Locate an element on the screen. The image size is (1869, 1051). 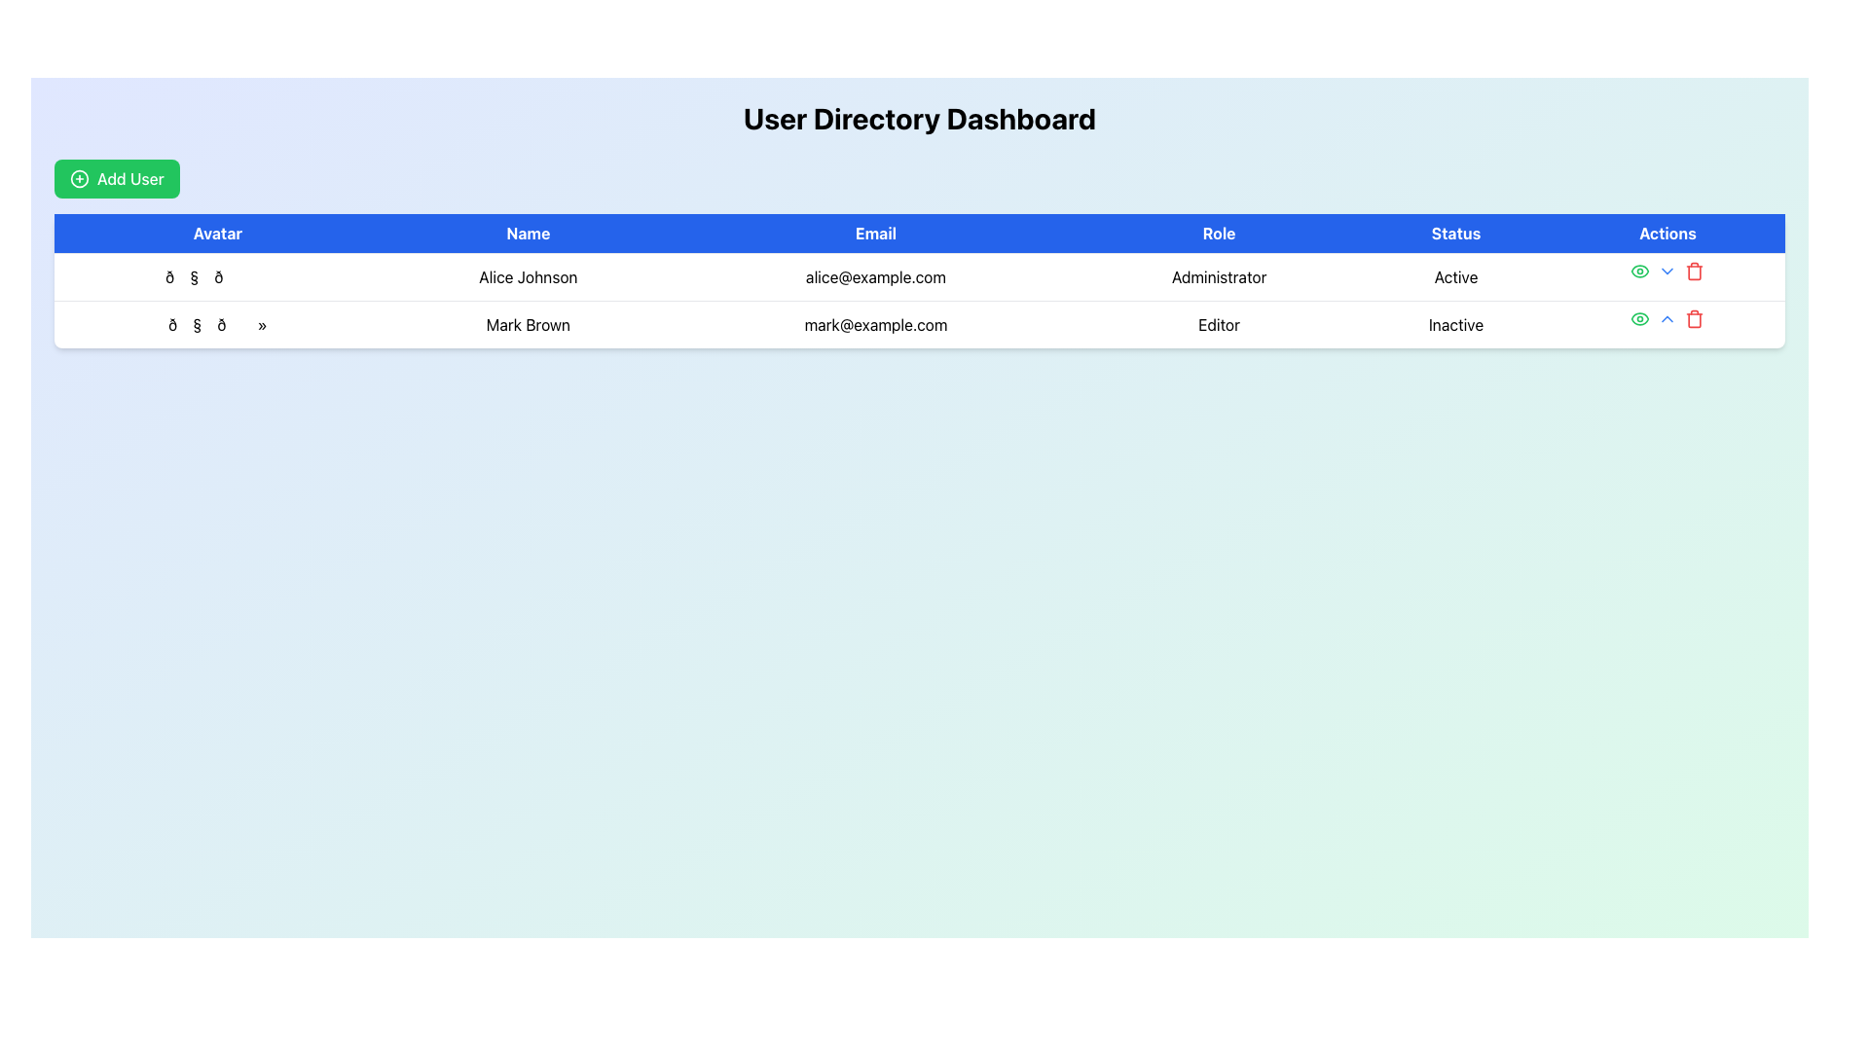
the informational text label displaying the email address of the user in the second row of the table, located in the 'Email' column between the 'Name' and 'Role' columns is located at coordinates (875, 323).